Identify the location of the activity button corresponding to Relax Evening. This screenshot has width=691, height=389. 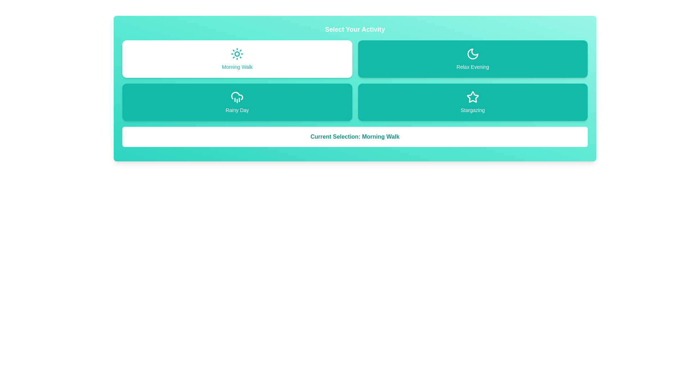
(473, 59).